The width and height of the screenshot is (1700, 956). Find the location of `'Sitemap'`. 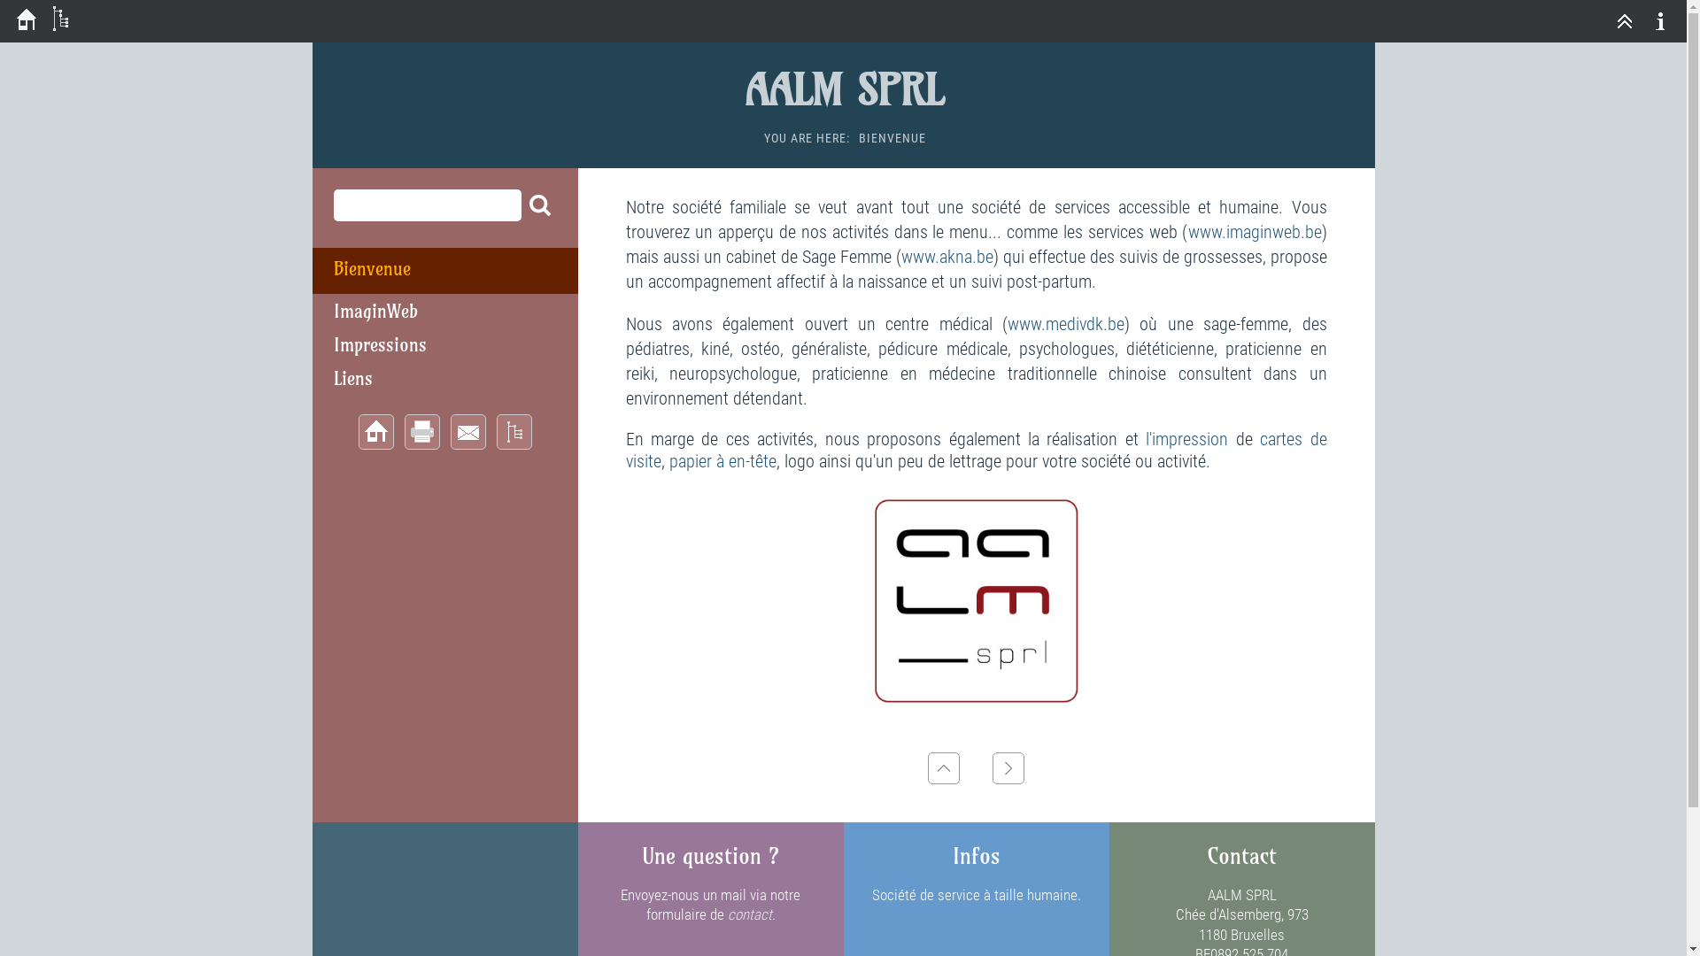

'Sitemap' is located at coordinates (496, 432).